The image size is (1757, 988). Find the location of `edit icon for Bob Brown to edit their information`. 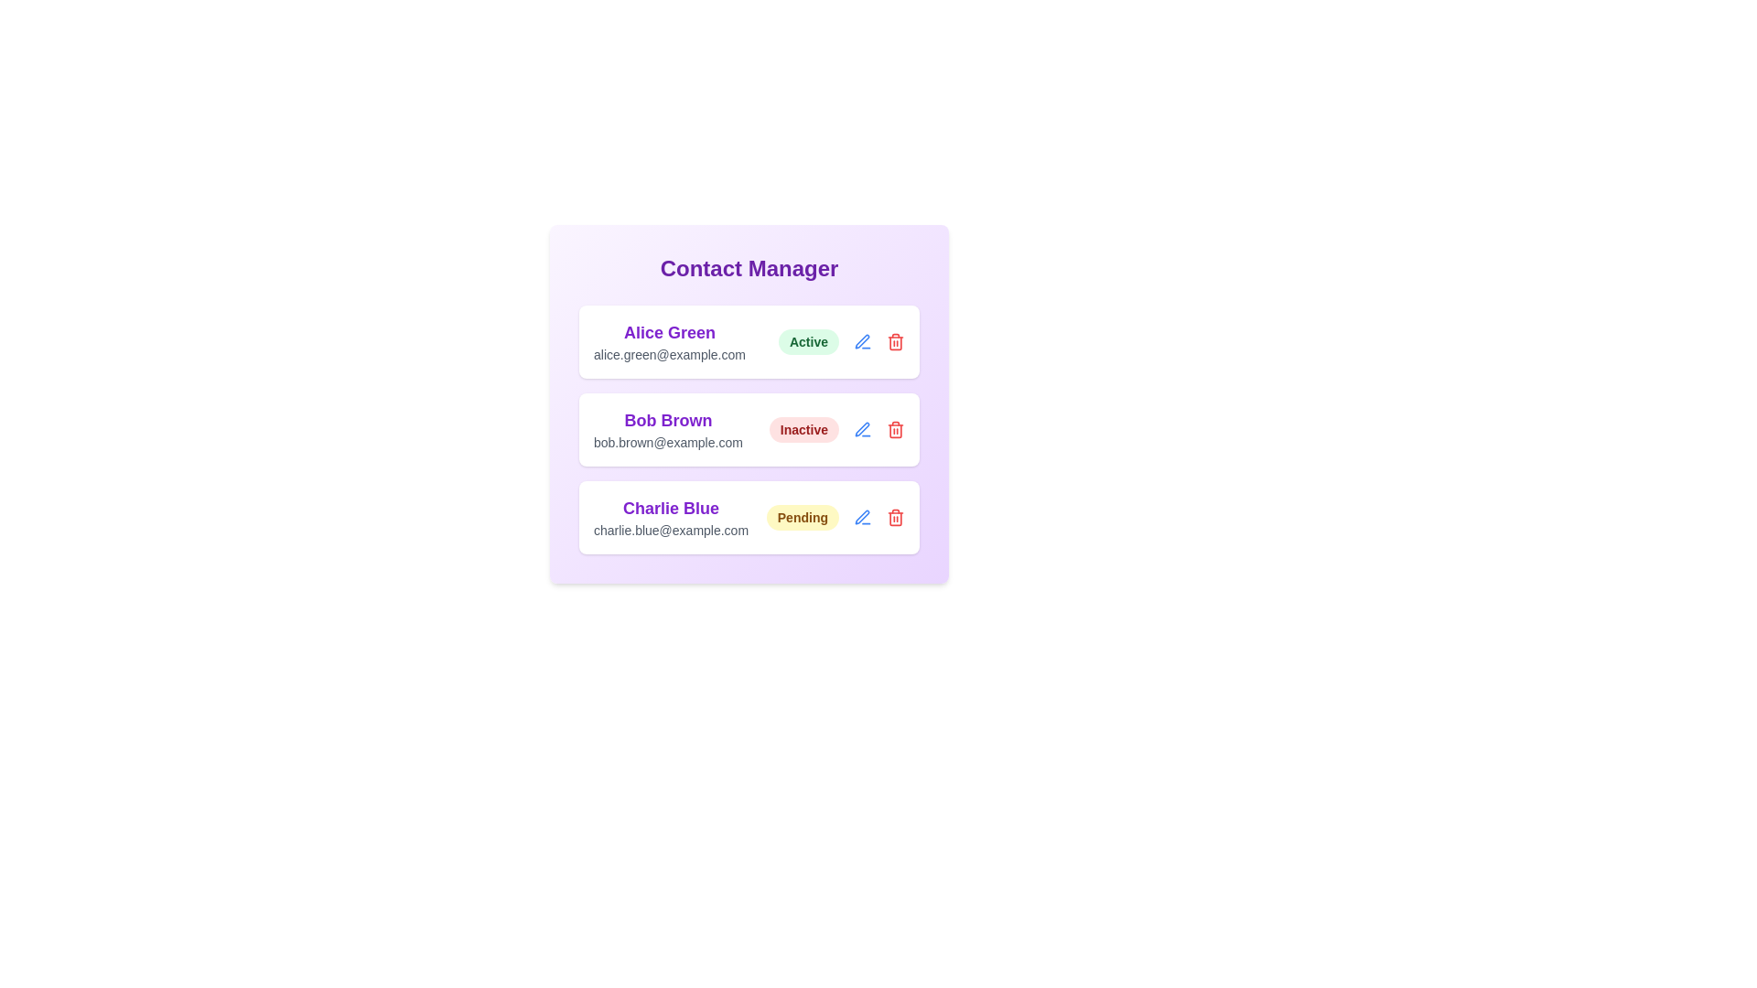

edit icon for Bob Brown to edit their information is located at coordinates (861, 430).